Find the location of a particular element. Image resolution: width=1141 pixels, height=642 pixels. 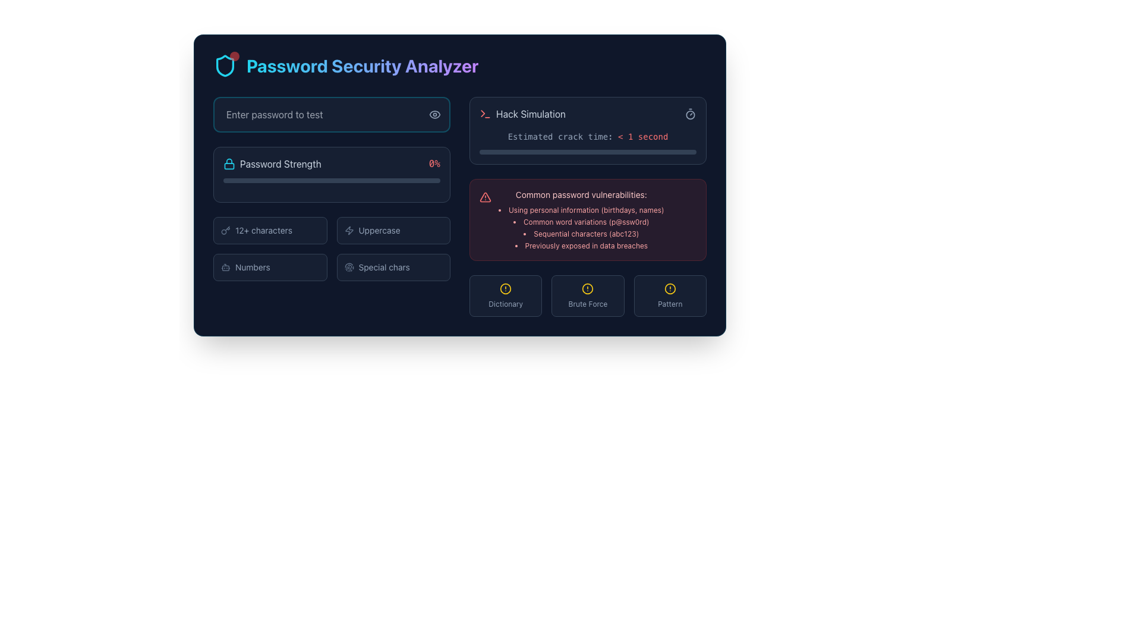

the Label with an icon that indicates the user's password strength, which is located below the 'Enter password to test' input field and next to the percentage indicator is located at coordinates (272, 164).